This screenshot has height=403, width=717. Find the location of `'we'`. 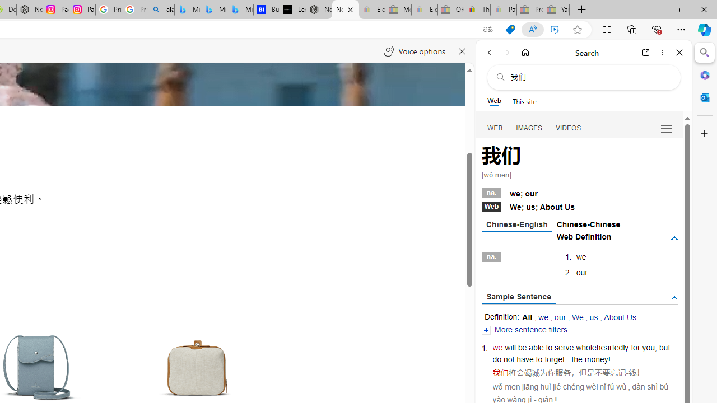

'we' is located at coordinates (497, 347).